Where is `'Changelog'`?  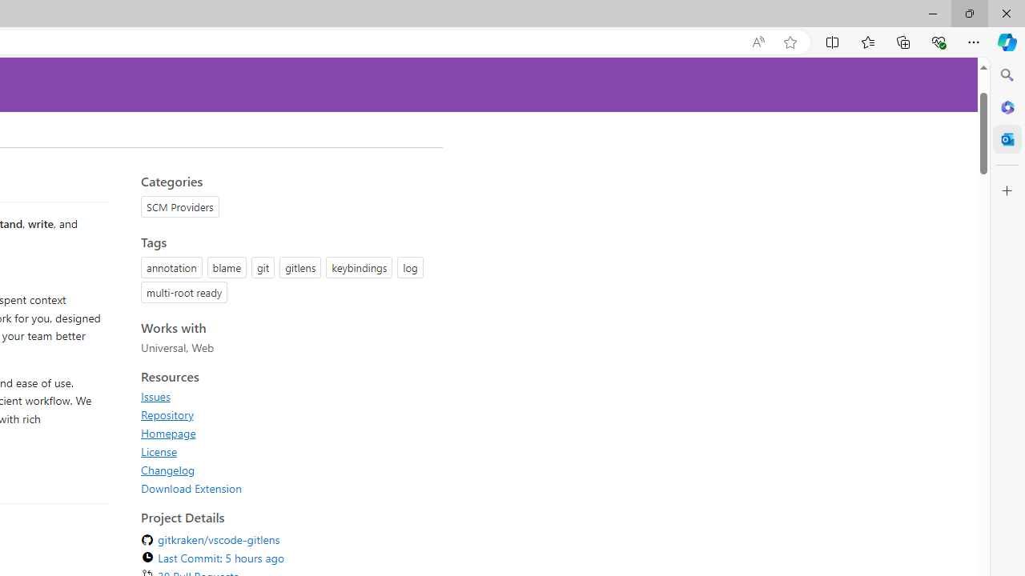
'Changelog' is located at coordinates (168, 469).